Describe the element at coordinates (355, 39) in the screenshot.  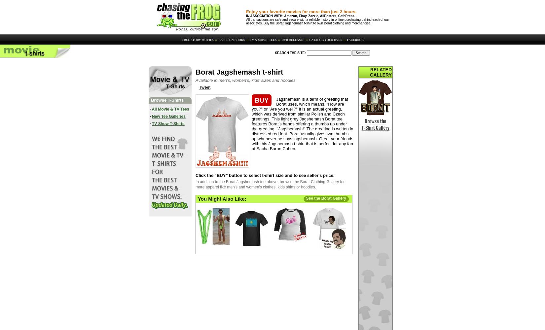
I see `'FACEBOOK'` at that location.